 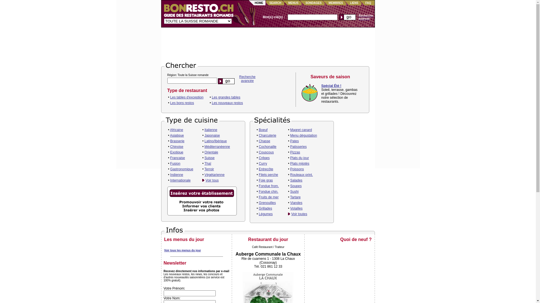 What do you see at coordinates (290, 158) in the screenshot?
I see `'Plats du jour'` at bounding box center [290, 158].